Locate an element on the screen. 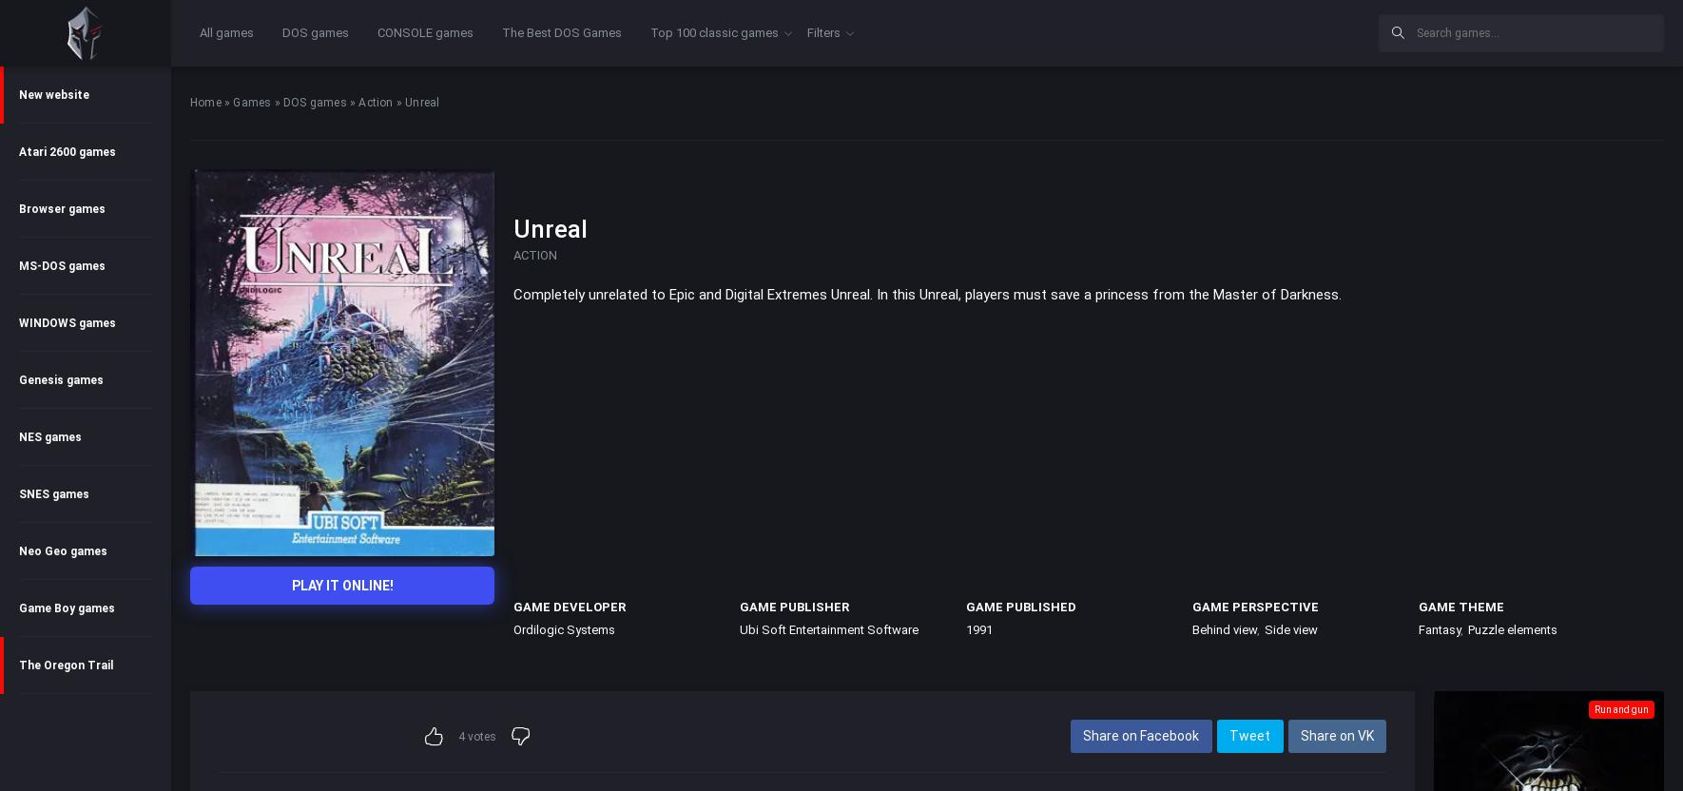 The height and width of the screenshot is (791, 1683). 'Neo Geo games' is located at coordinates (62, 550).